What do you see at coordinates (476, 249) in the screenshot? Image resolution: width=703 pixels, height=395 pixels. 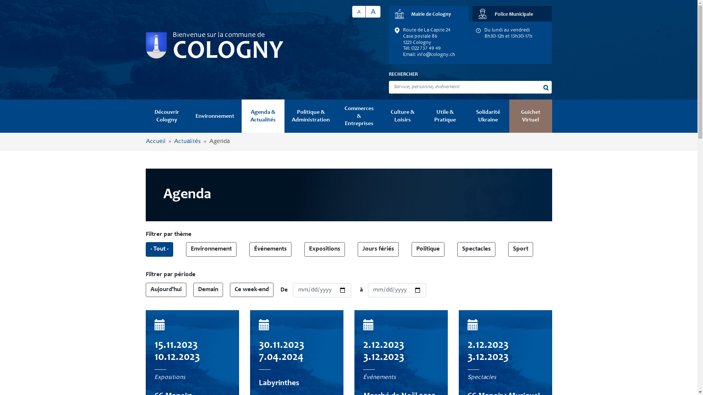 I see `'Spectacles'` at bounding box center [476, 249].